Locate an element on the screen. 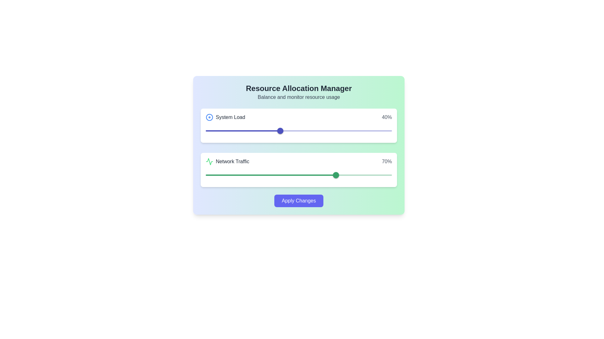 The width and height of the screenshot is (604, 339). the first card is located at coordinates (299, 126).